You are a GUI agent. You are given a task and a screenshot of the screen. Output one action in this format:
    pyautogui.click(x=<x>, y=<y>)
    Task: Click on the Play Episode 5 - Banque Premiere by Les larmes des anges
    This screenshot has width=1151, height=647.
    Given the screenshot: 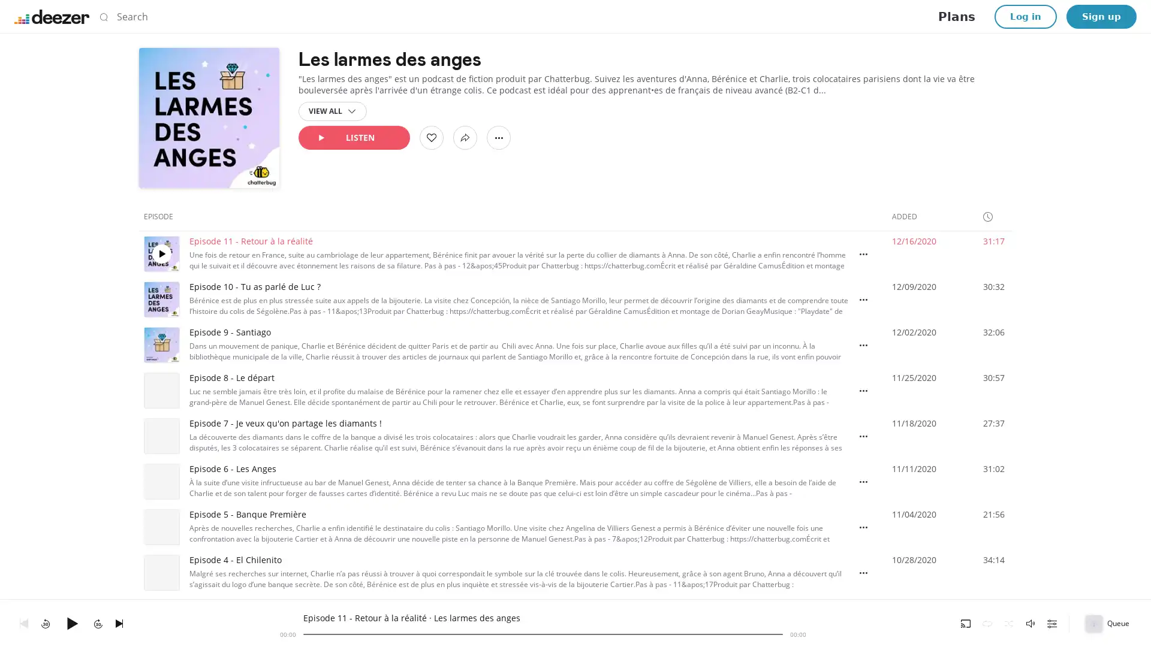 What is the action you would take?
    pyautogui.click(x=161, y=526)
    